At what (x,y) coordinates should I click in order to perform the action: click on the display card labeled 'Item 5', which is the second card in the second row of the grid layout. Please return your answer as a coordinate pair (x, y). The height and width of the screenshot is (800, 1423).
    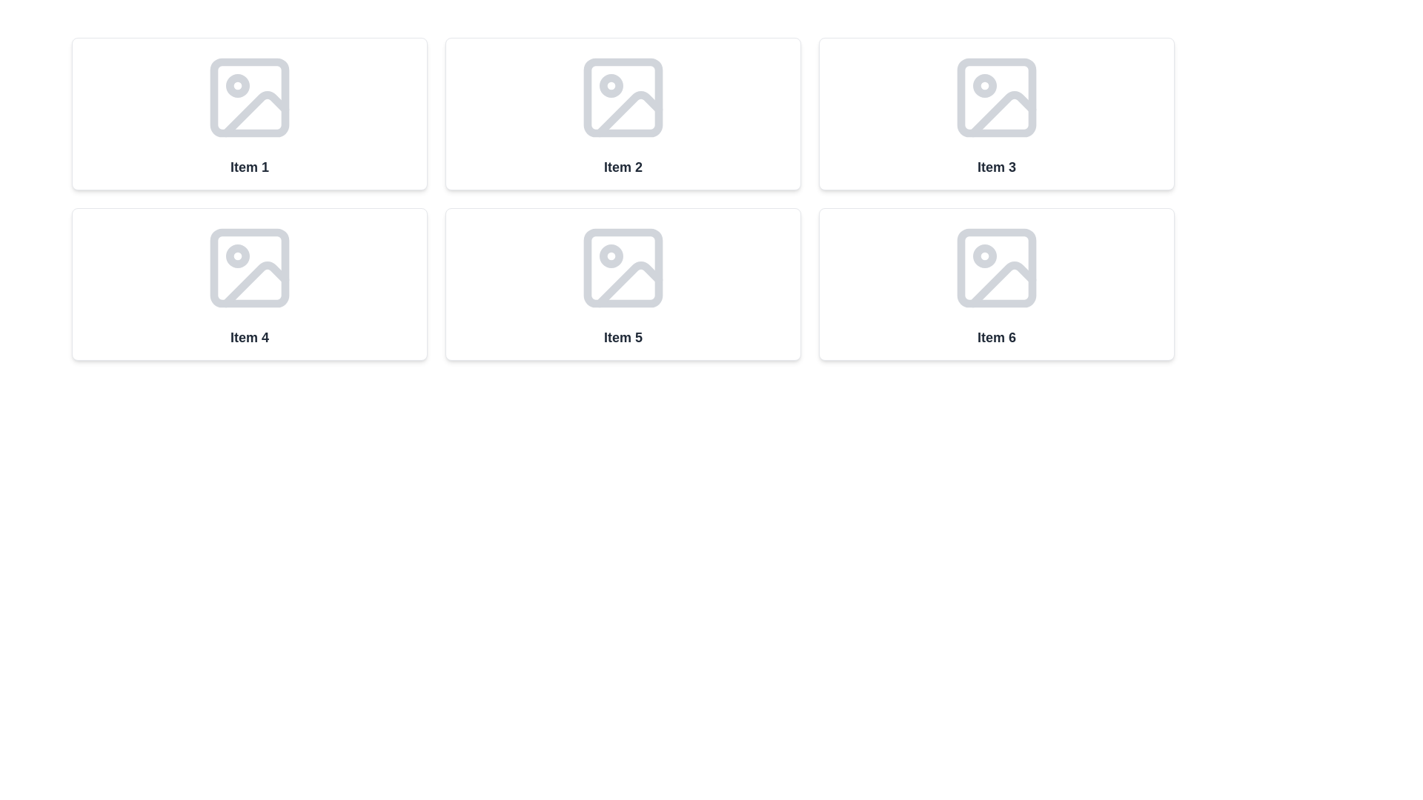
    Looking at the image, I should click on (623, 284).